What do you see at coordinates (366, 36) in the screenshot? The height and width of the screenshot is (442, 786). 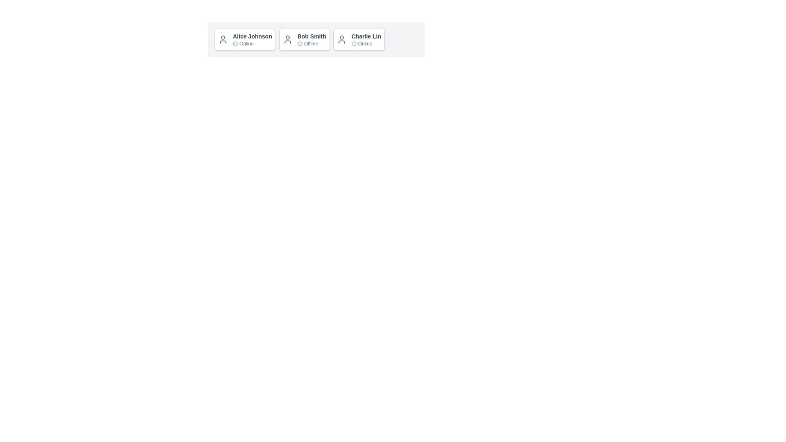 I see `the name of Charlie Lin to select it` at bounding box center [366, 36].